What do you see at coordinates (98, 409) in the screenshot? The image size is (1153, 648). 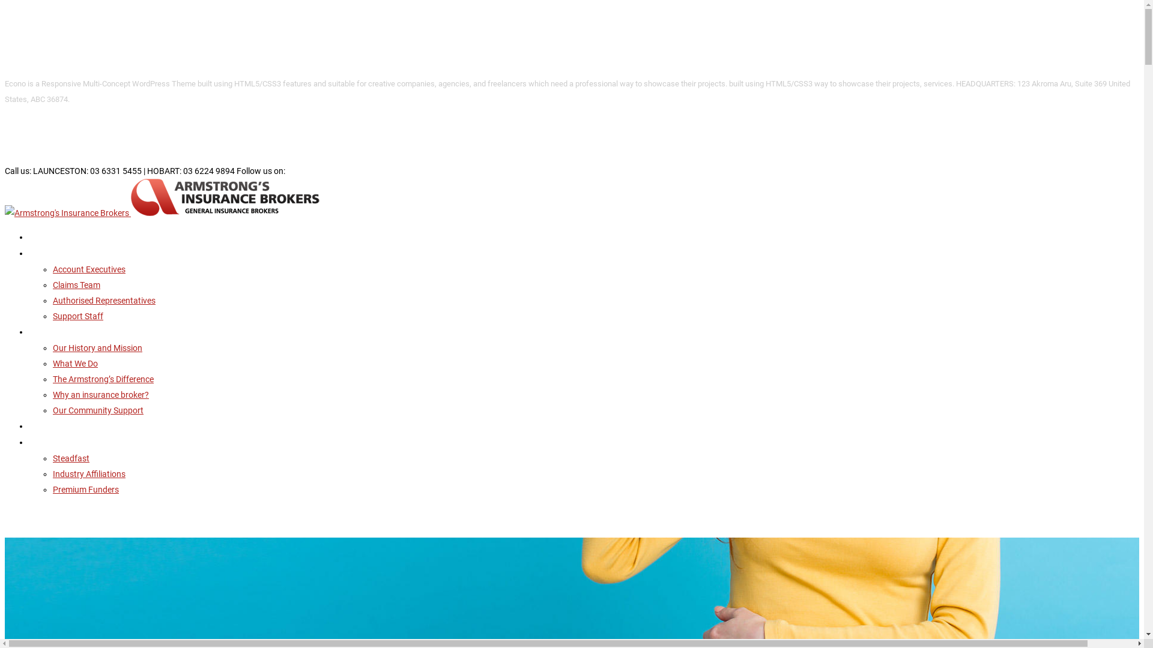 I see `'Our Community Support'` at bounding box center [98, 409].